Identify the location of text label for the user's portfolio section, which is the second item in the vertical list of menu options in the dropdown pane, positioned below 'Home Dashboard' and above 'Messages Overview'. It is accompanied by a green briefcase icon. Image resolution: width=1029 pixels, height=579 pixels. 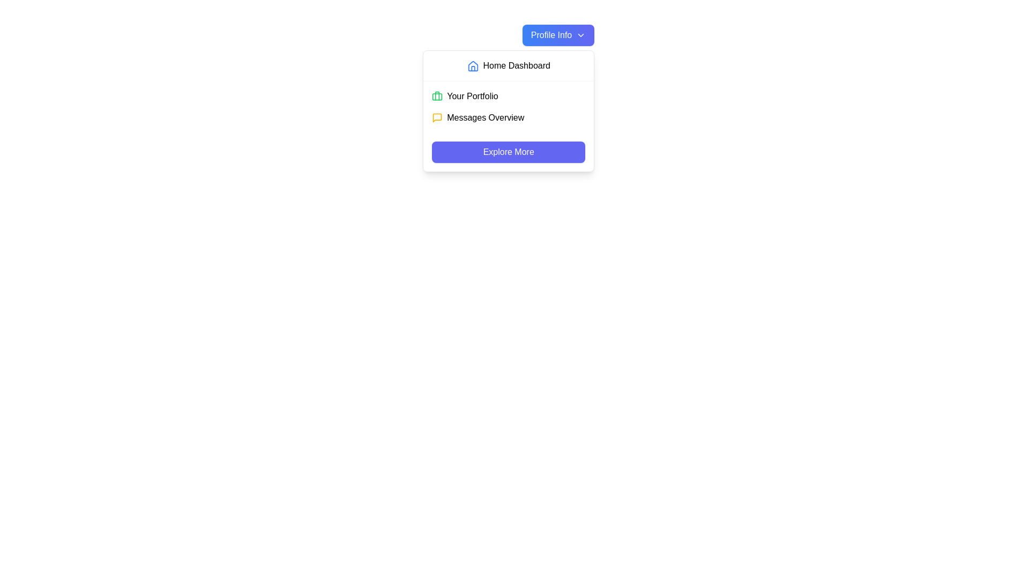
(472, 96).